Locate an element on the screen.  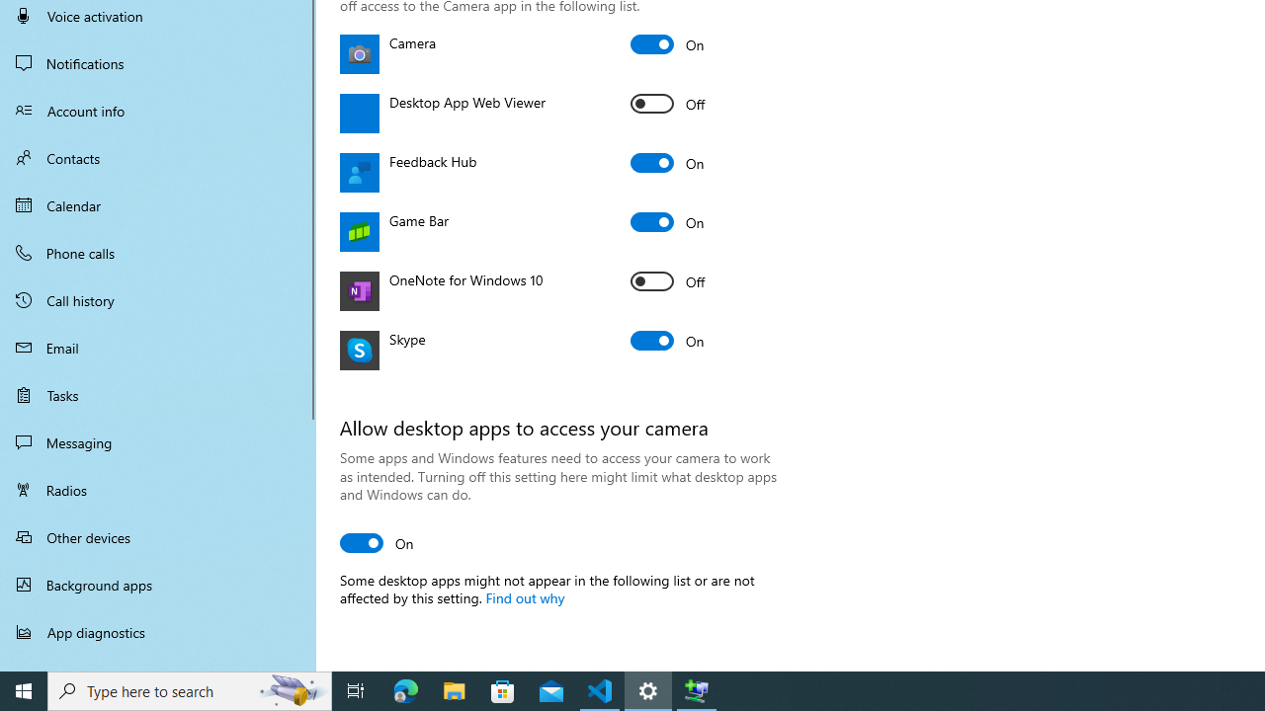
'Phone calls' is located at coordinates (158, 251).